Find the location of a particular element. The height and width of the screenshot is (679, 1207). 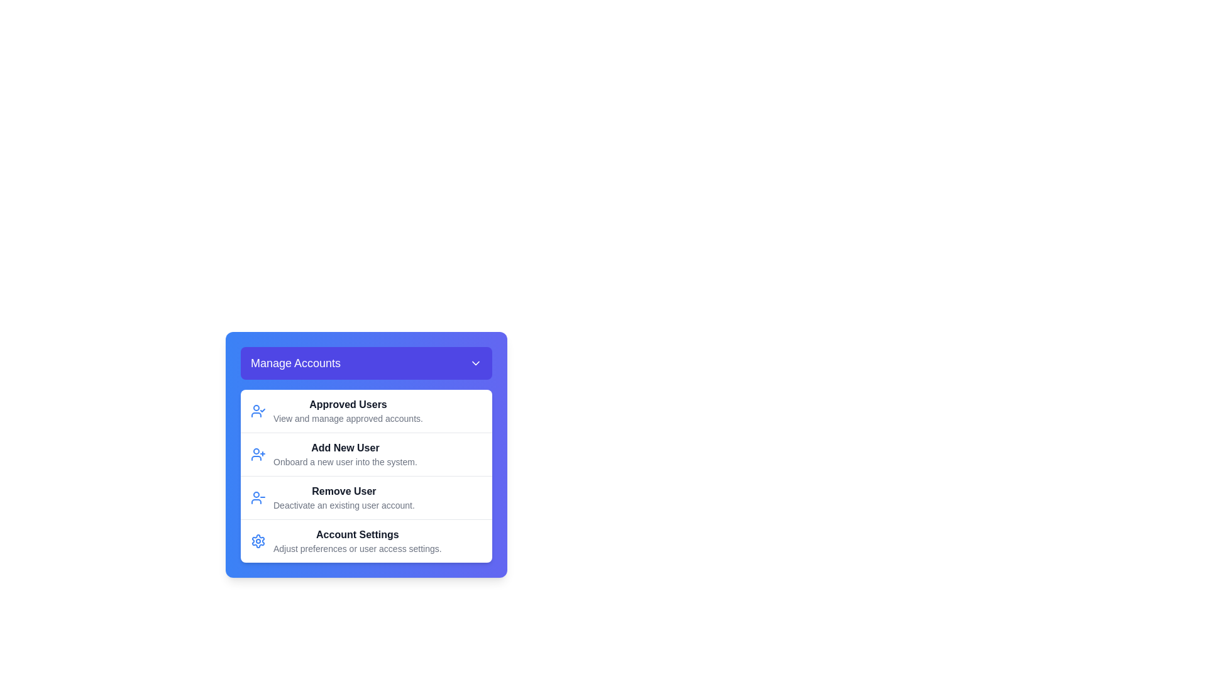

the 'Approved Users' text label, which is the first option under the 'Manage Accounts' section and features a bold black font for the title and a lighter gray font for the description is located at coordinates (348, 411).